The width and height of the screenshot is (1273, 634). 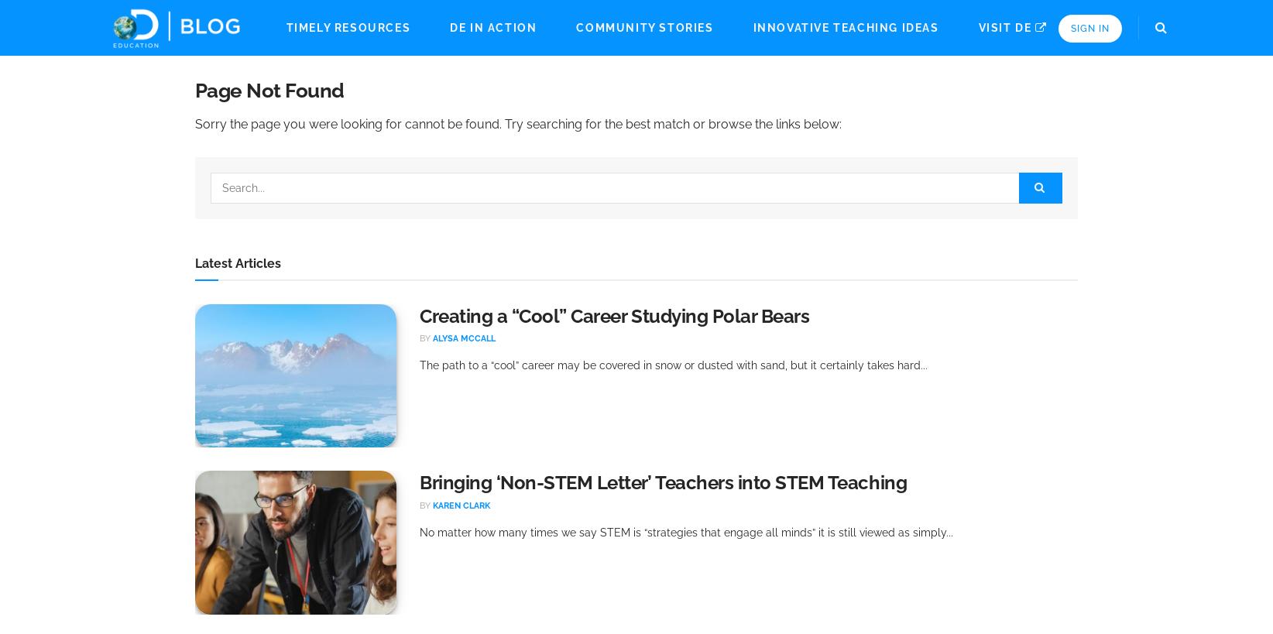 What do you see at coordinates (238, 262) in the screenshot?
I see `'Latest Articles'` at bounding box center [238, 262].